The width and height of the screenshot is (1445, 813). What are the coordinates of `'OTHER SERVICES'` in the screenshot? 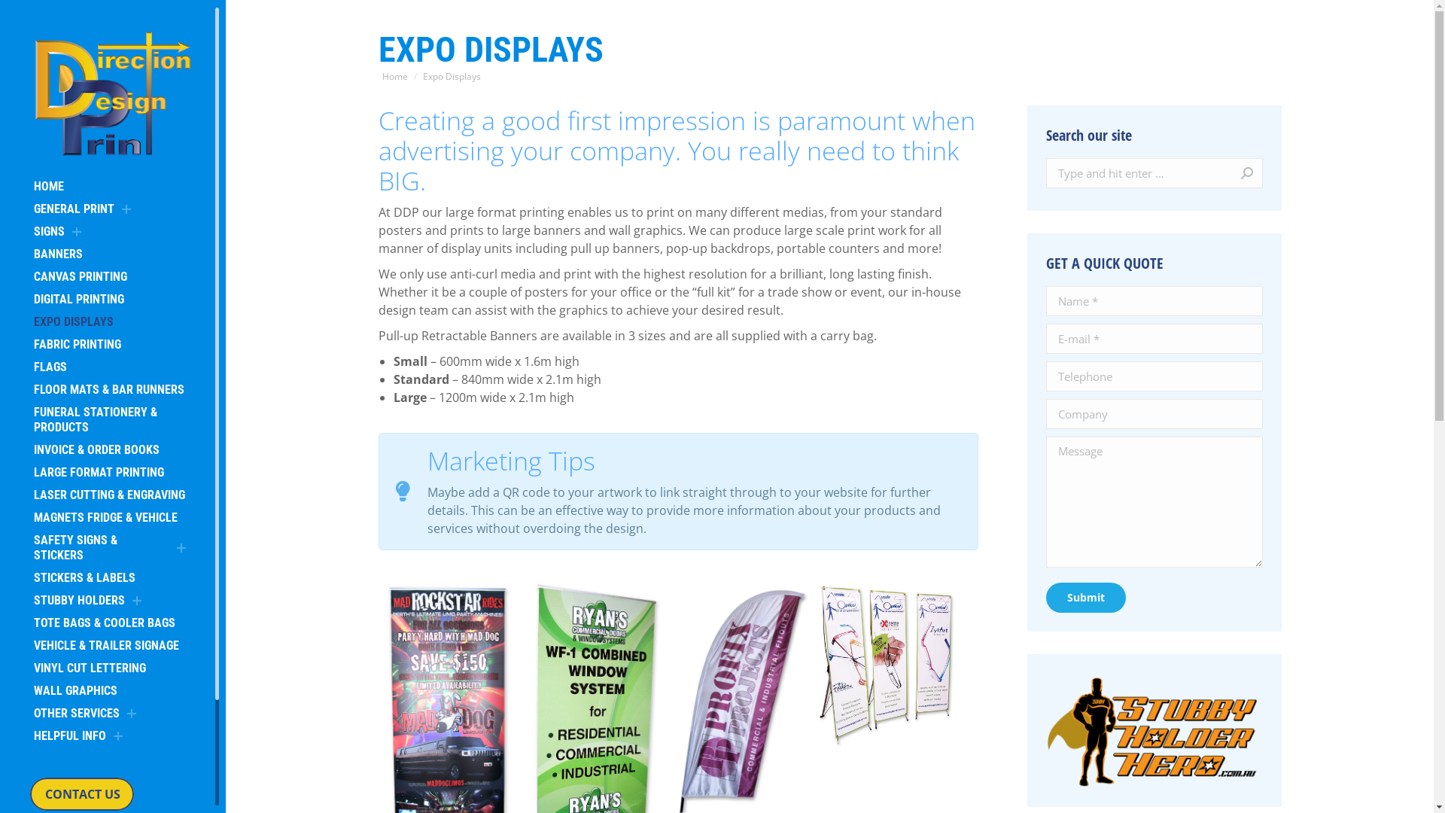 It's located at (75, 713).